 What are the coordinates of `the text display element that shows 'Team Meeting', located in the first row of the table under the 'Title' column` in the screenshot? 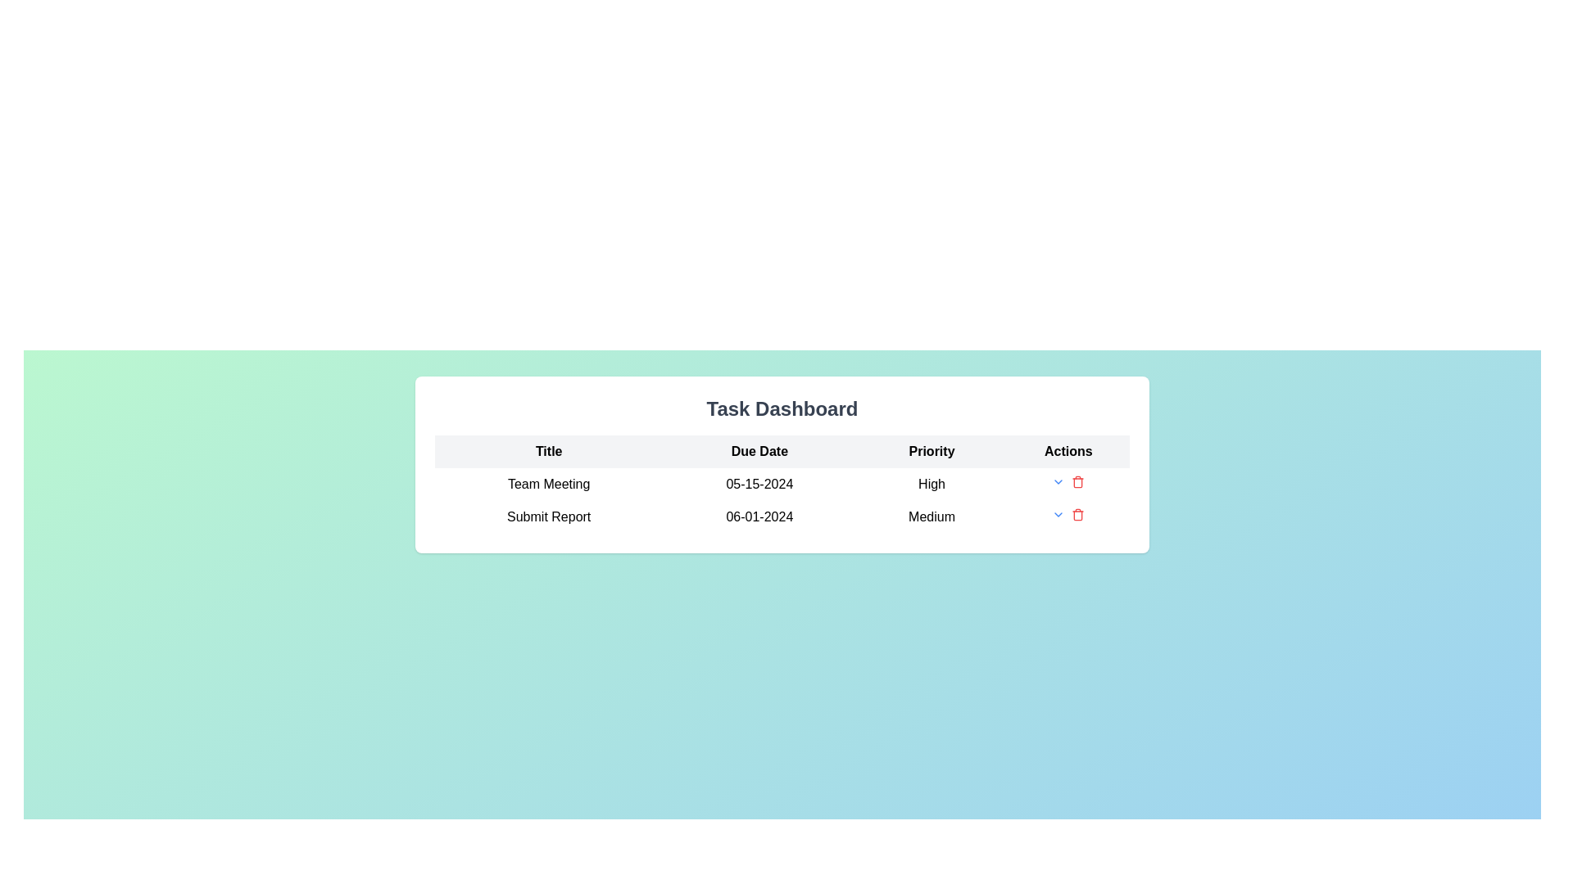 It's located at (549, 483).